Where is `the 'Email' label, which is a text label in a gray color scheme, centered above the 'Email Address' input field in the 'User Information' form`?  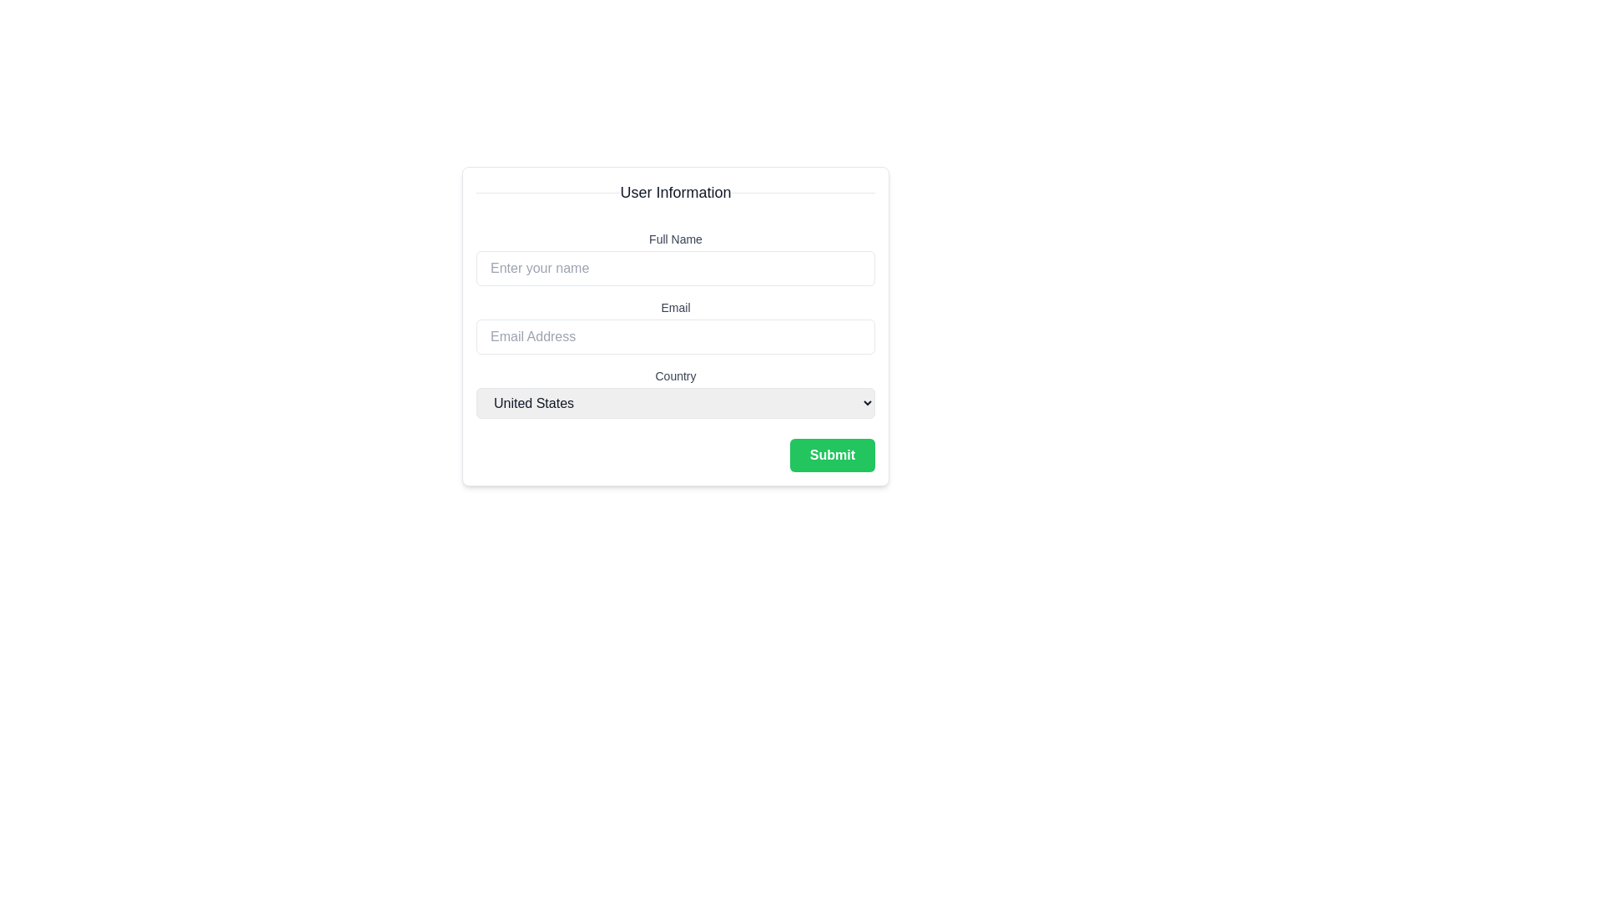 the 'Email' label, which is a text label in a gray color scheme, centered above the 'Email Address' input field in the 'User Information' form is located at coordinates (676, 308).